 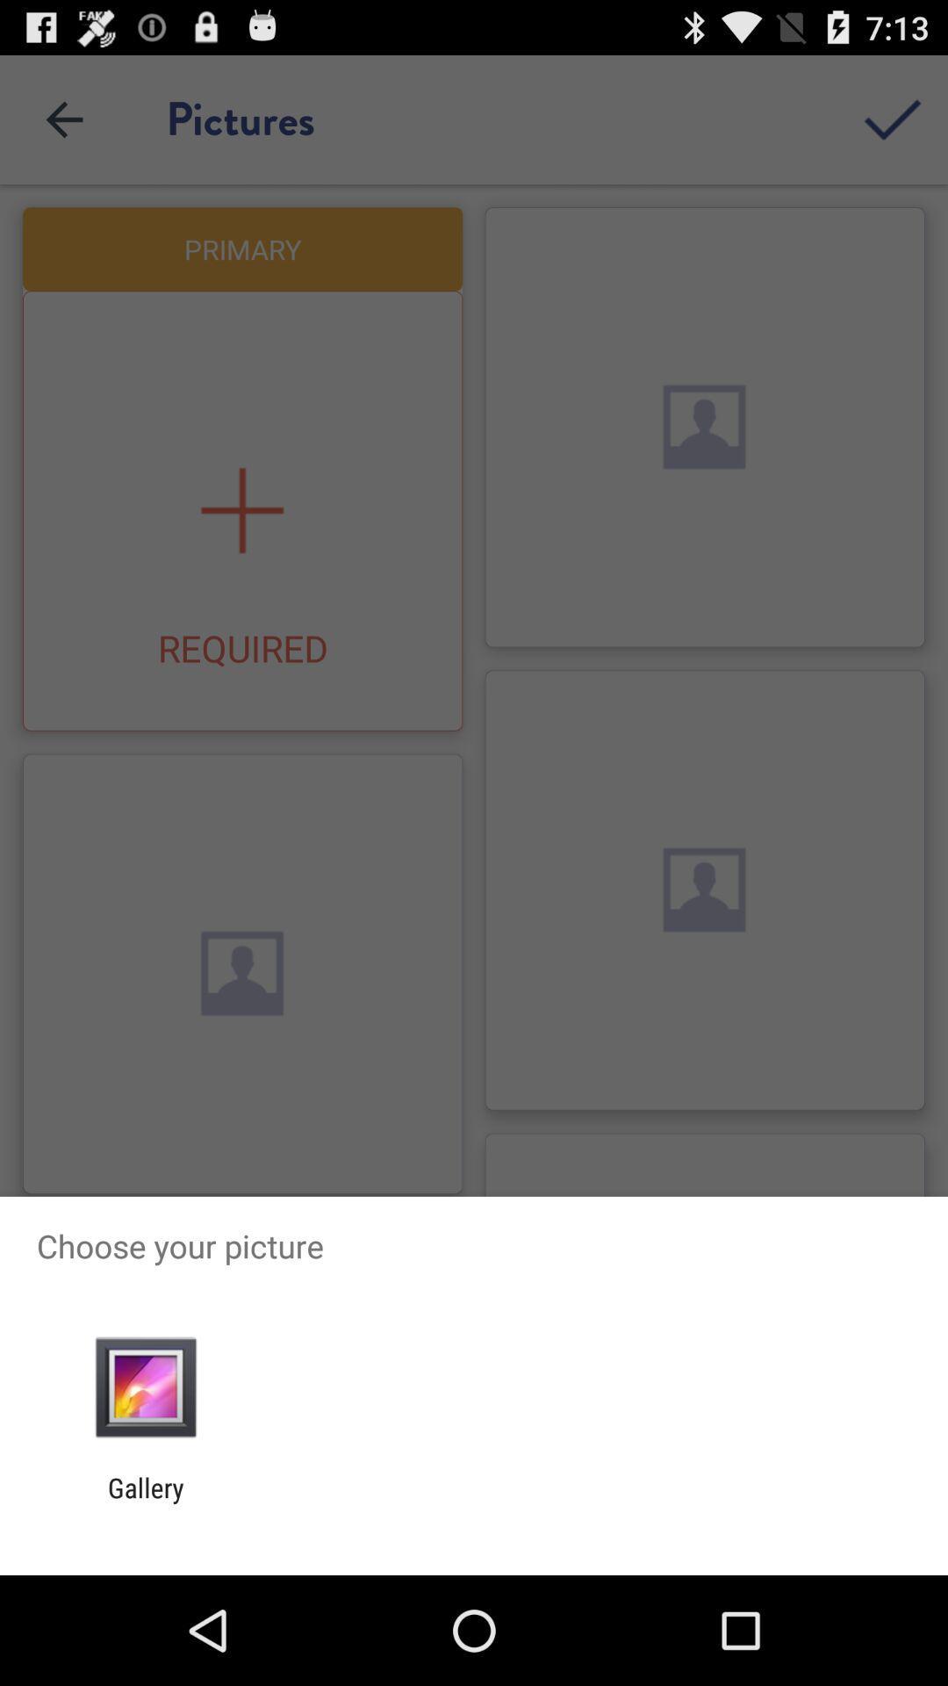 What do you see at coordinates (145, 1502) in the screenshot?
I see `gallery` at bounding box center [145, 1502].